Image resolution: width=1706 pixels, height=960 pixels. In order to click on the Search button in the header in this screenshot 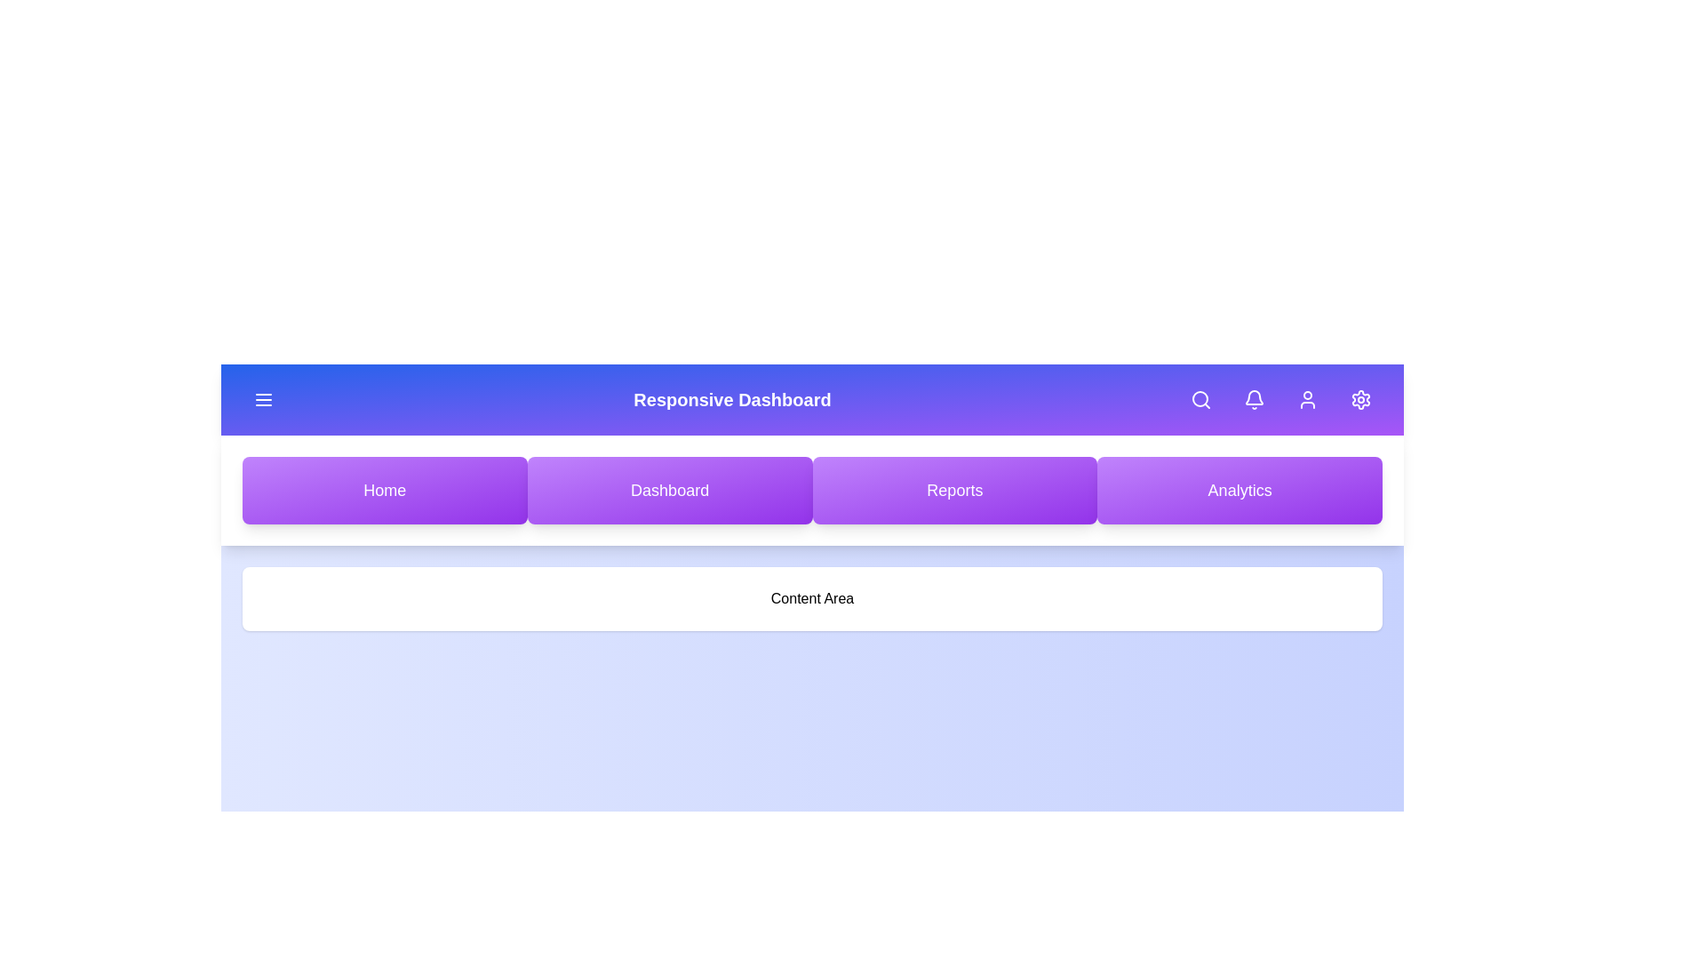, I will do `click(1201, 400)`.